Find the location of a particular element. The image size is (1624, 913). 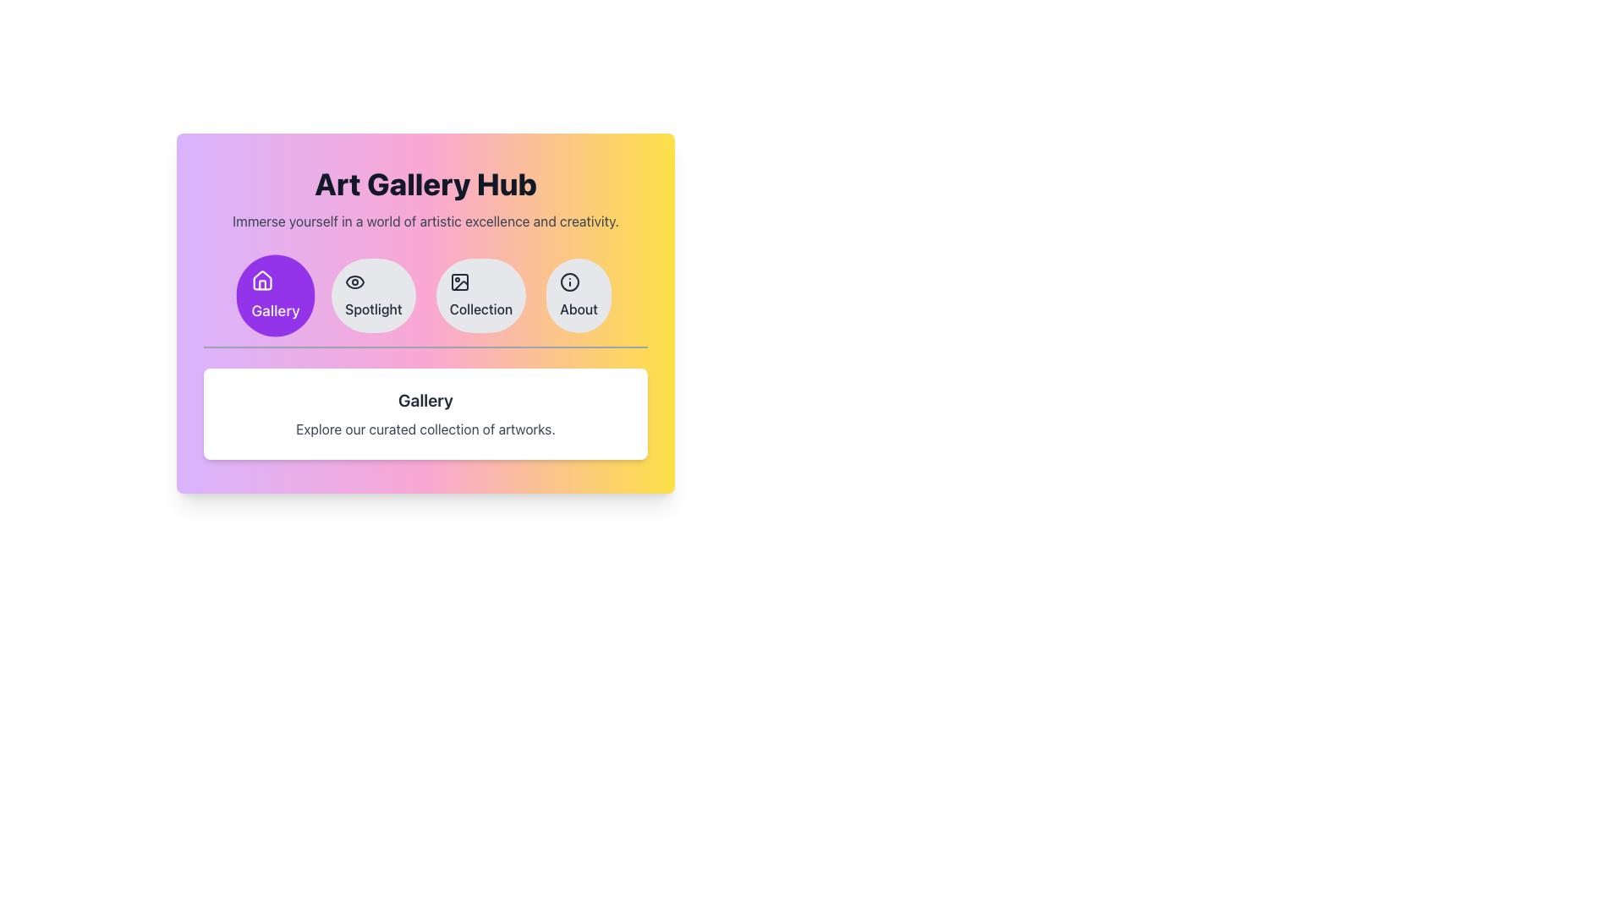

the Text Label that provides a descriptive subtitle for the 'Art Gallery Hub' section, which conveys themes of artistic excellence and creativity is located at coordinates (425, 221).